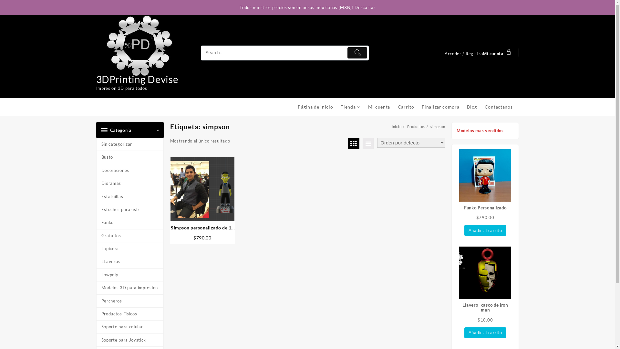  I want to click on 'Lowpoly', so click(129, 275).